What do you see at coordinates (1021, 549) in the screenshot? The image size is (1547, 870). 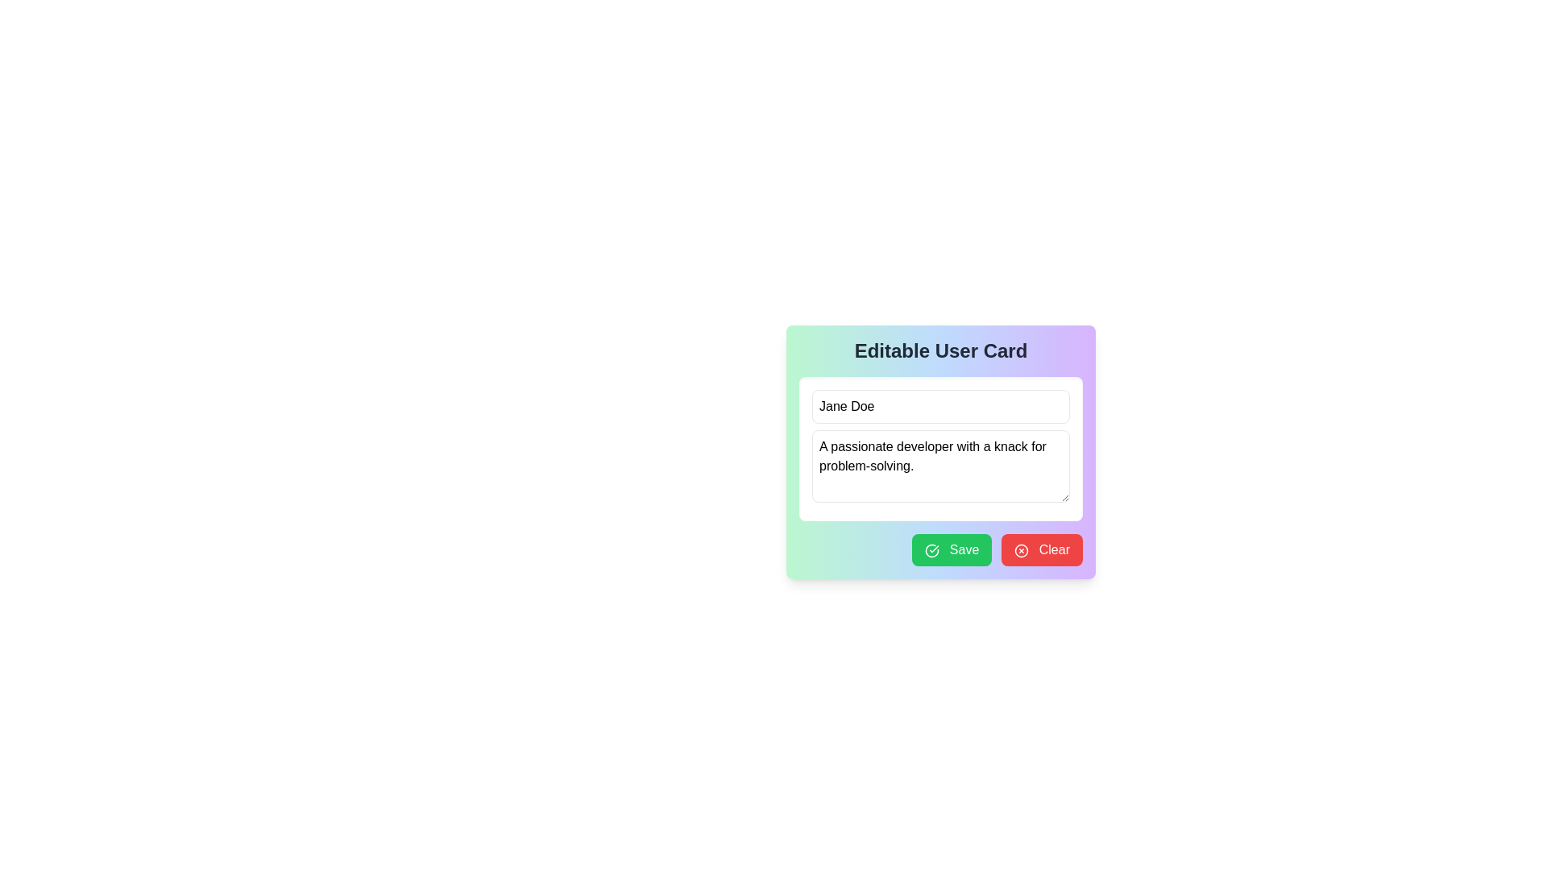 I see `the small circular visual element that enhances the 'Clear' button icon located in the bottom-right corner of the card interface` at bounding box center [1021, 549].